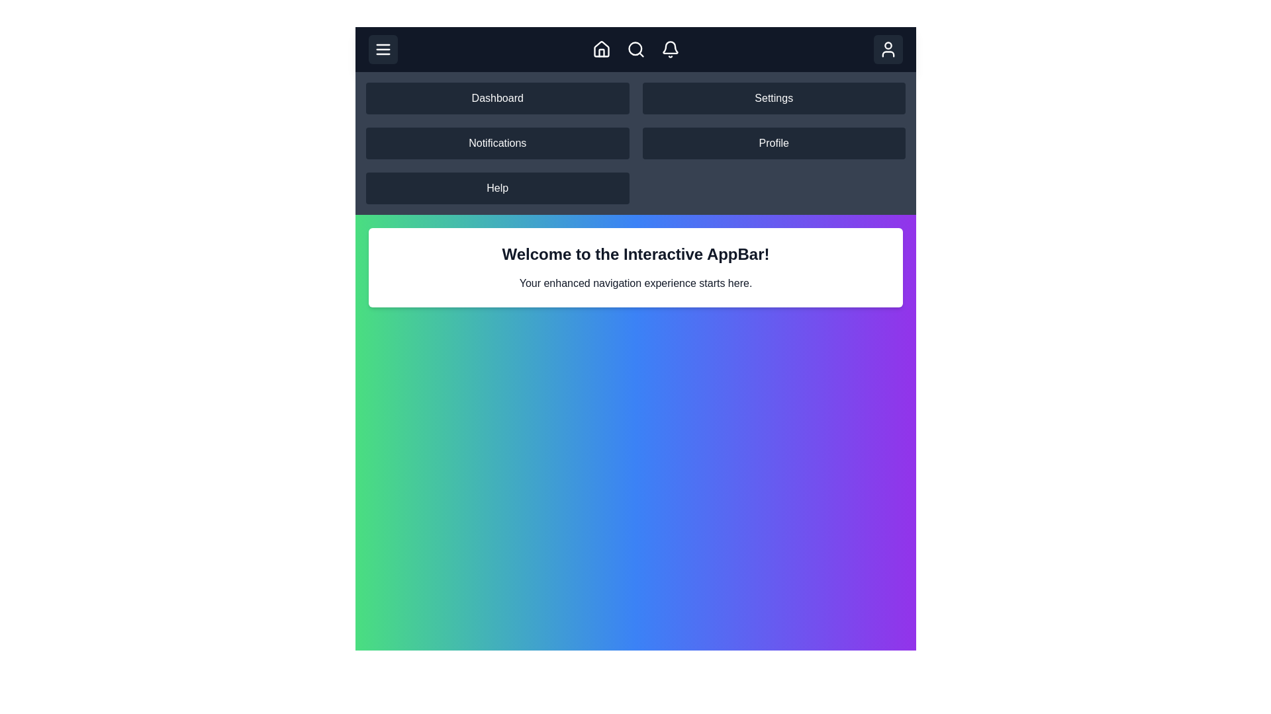 The image size is (1271, 714). I want to click on the navigation item Dashboard, so click(496, 98).